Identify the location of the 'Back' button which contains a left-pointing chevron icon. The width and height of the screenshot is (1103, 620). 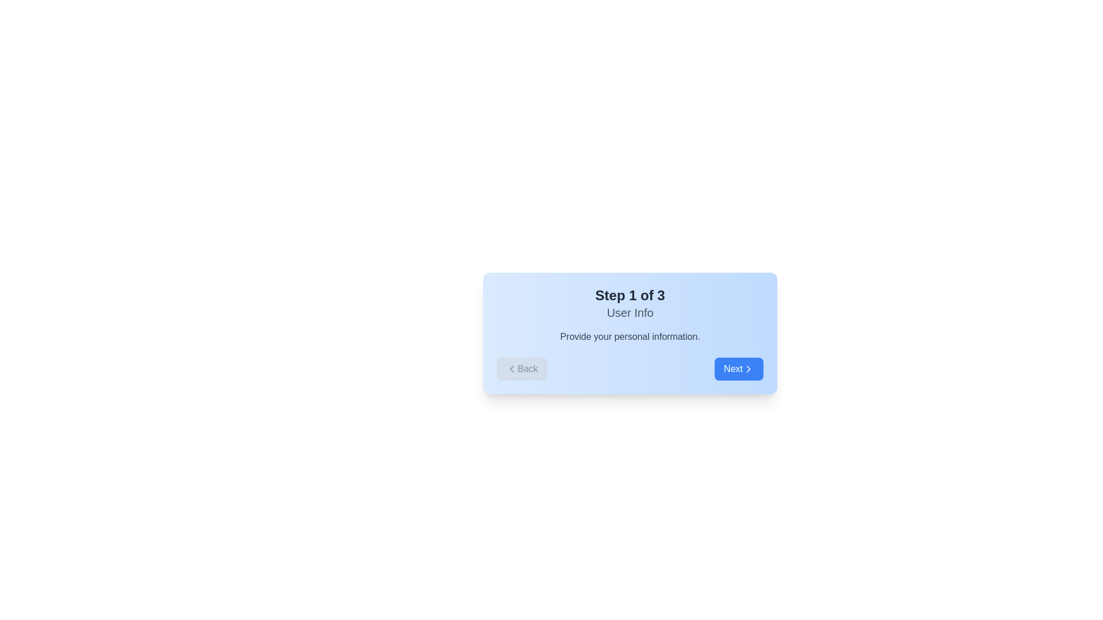
(511, 369).